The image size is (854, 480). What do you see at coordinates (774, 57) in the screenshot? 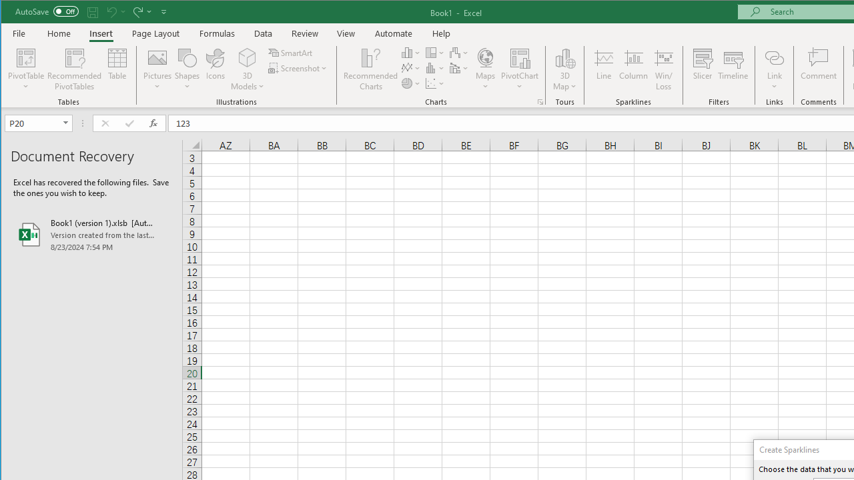
I see `'Link'` at bounding box center [774, 57].